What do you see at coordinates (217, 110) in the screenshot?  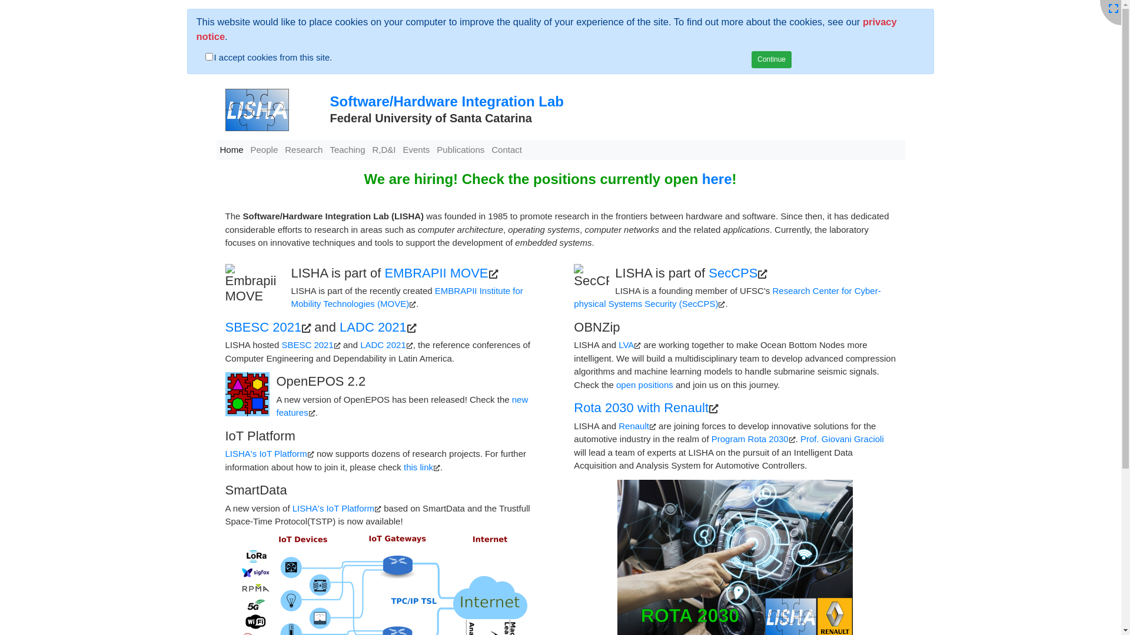 I see `'LISHA'` at bounding box center [217, 110].